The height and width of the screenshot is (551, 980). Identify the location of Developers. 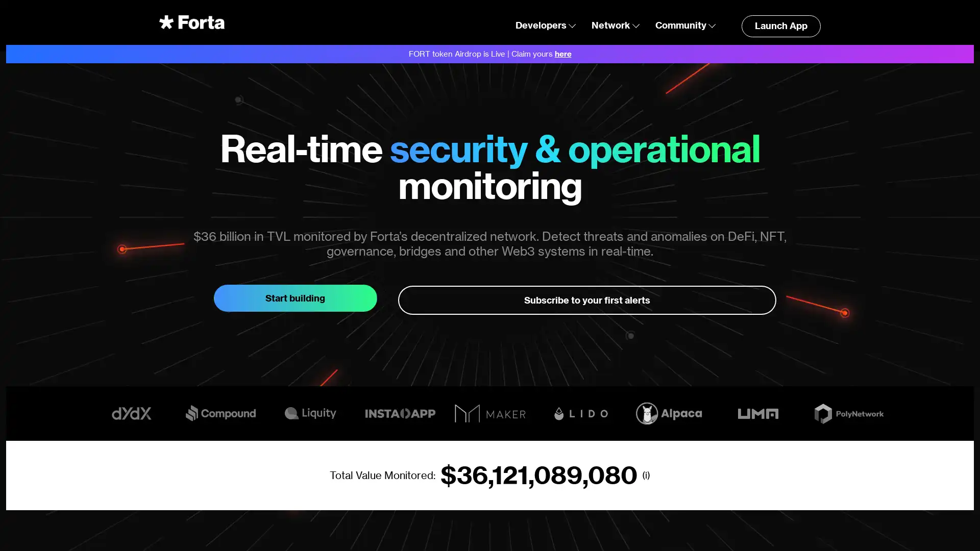
(545, 25).